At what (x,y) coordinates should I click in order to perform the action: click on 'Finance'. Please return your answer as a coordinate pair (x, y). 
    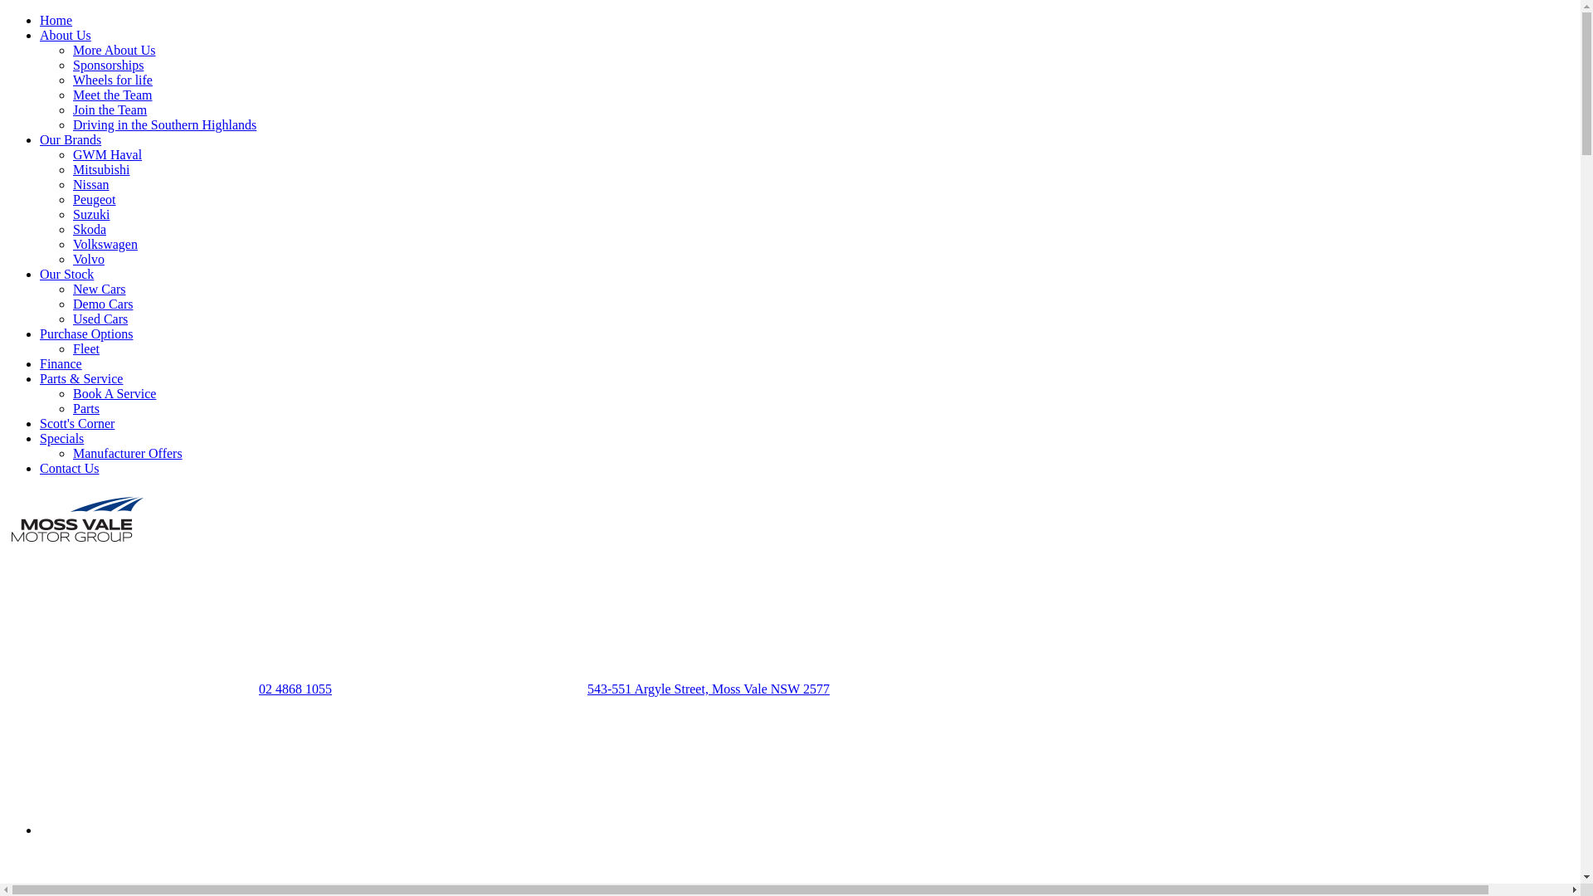
    Looking at the image, I should click on (61, 363).